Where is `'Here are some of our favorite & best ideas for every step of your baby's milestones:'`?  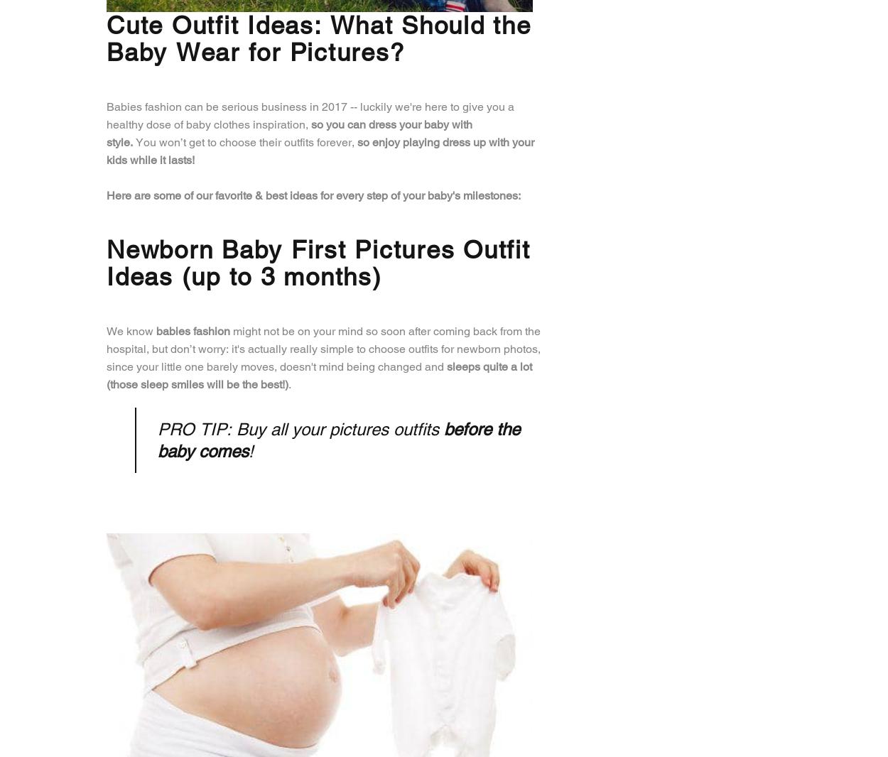 'Here are some of our favorite & best ideas for every step of your baby's milestones:' is located at coordinates (313, 195).